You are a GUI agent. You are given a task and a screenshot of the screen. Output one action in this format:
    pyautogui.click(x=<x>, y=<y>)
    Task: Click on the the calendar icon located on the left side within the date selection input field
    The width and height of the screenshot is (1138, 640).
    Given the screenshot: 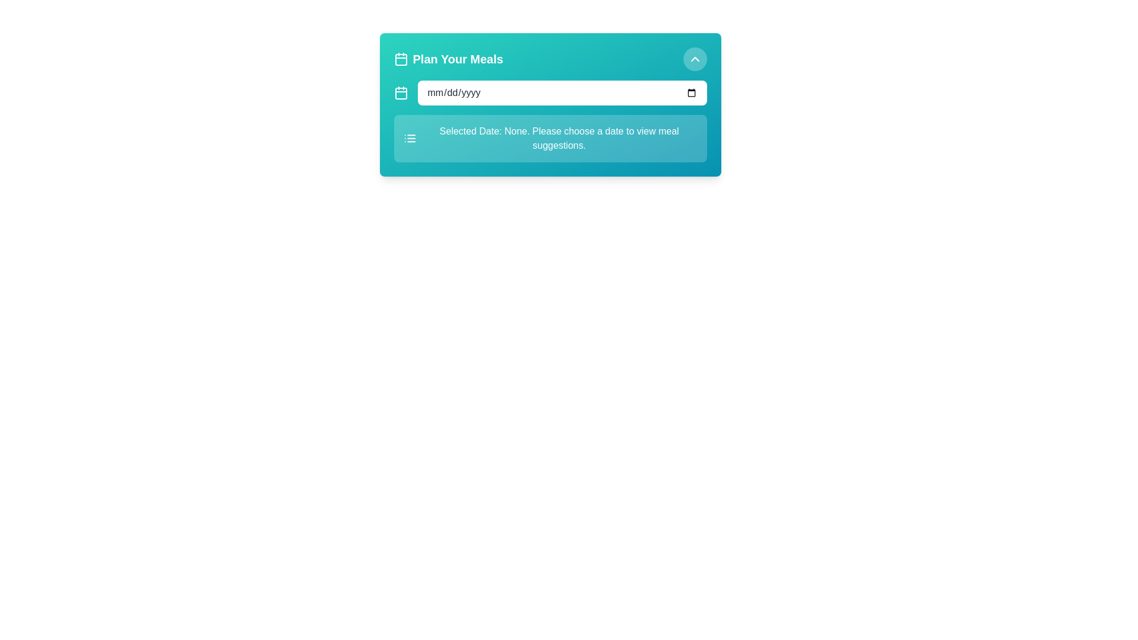 What is the action you would take?
    pyautogui.click(x=401, y=92)
    